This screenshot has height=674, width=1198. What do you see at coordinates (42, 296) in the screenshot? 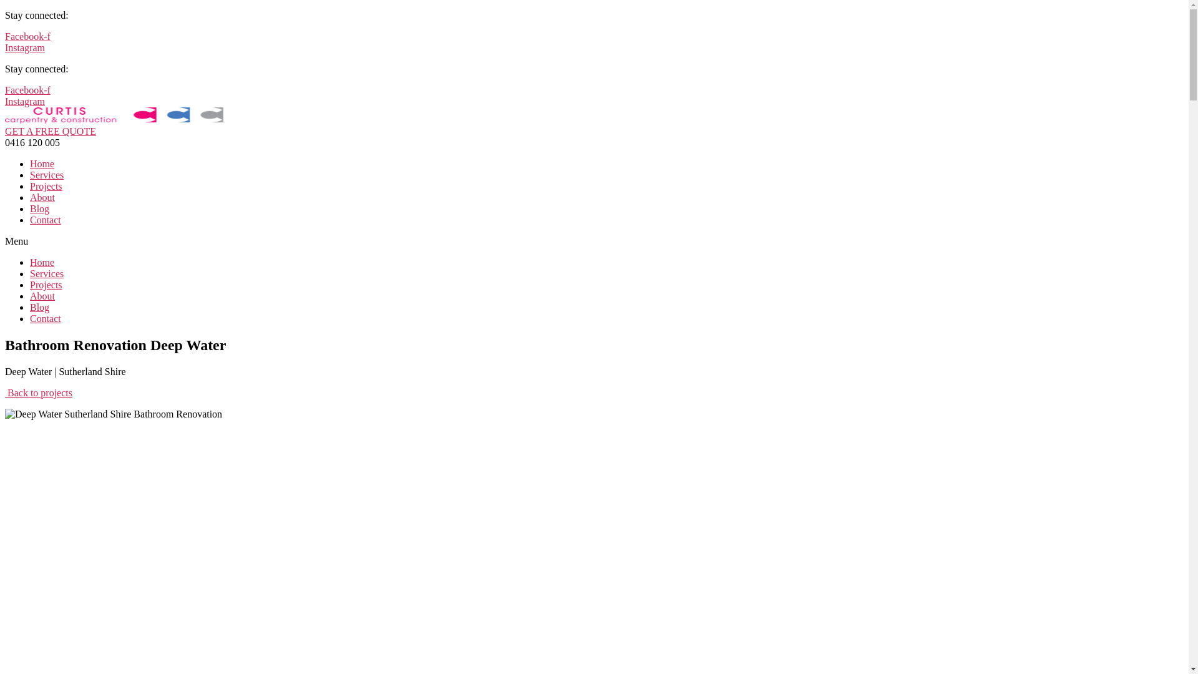
I see `'About'` at bounding box center [42, 296].